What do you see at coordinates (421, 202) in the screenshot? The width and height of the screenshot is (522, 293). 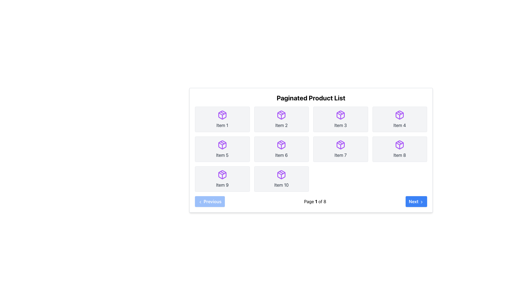 I see `the right-pointing chevron icon located within the 'Next' button at the bottom-right corner of the interface` at bounding box center [421, 202].